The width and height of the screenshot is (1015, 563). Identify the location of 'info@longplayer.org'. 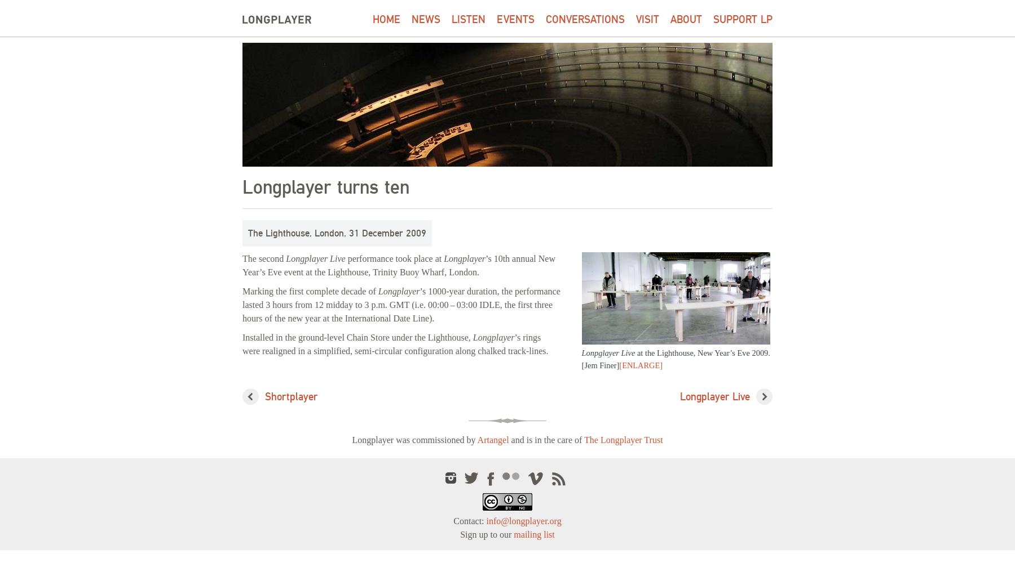
(523, 521).